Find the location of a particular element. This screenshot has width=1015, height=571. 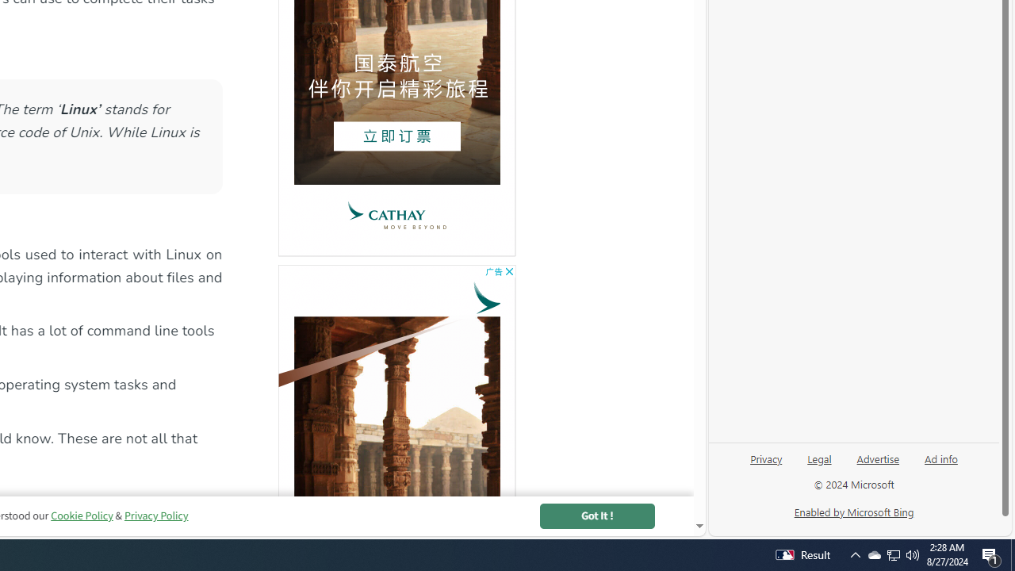

'Privacy Policy' is located at coordinates (156, 515).